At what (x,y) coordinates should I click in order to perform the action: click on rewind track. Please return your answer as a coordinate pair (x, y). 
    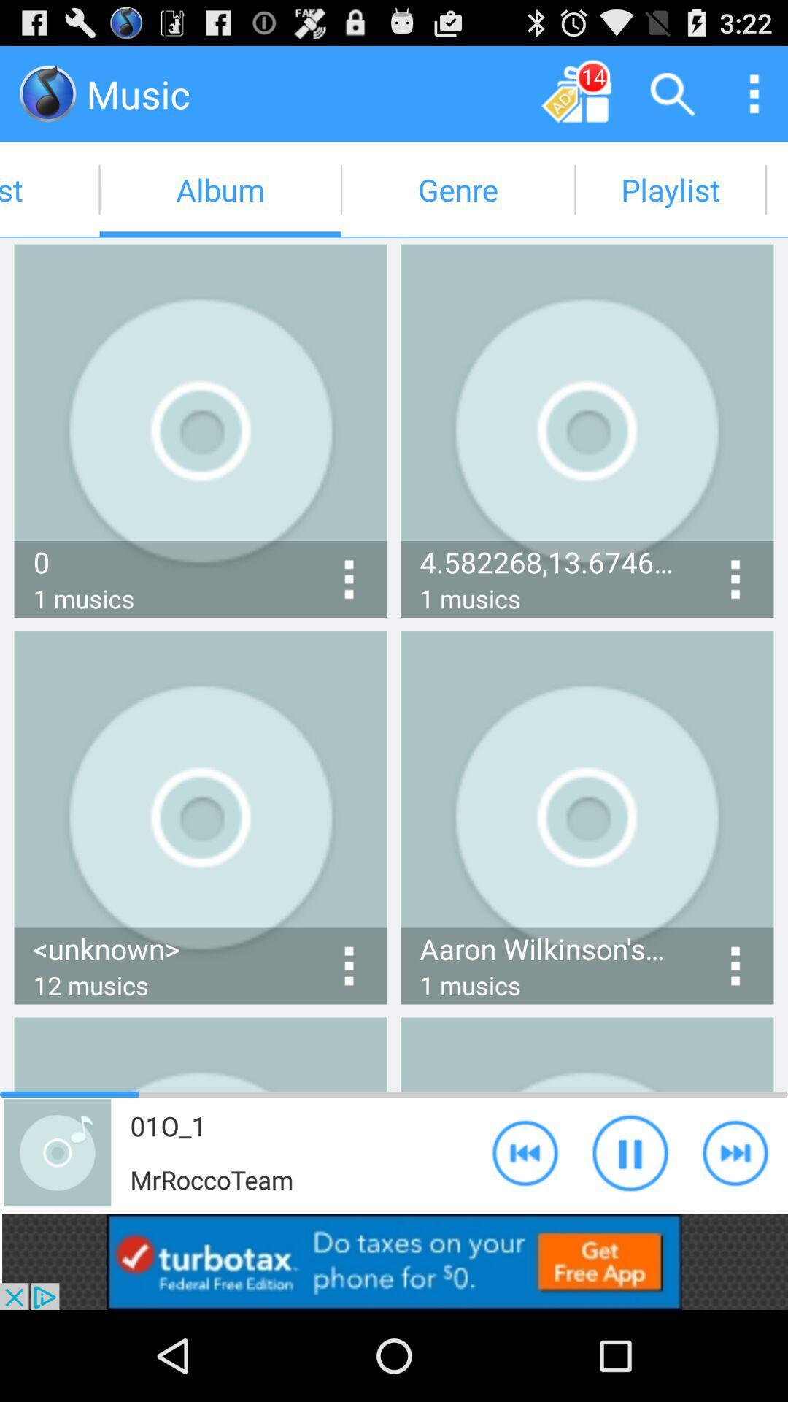
    Looking at the image, I should click on (525, 1152).